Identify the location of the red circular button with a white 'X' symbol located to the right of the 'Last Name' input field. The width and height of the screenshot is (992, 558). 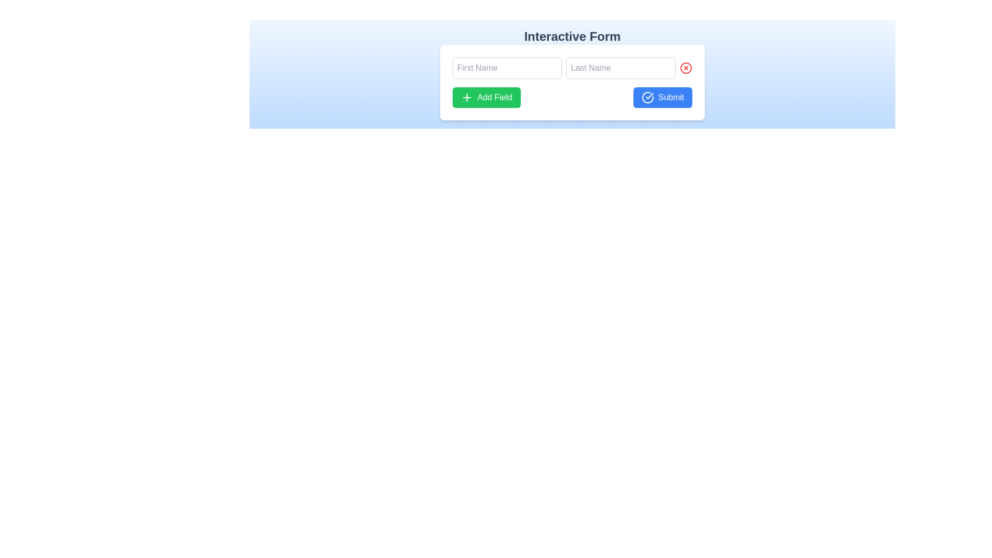
(686, 68).